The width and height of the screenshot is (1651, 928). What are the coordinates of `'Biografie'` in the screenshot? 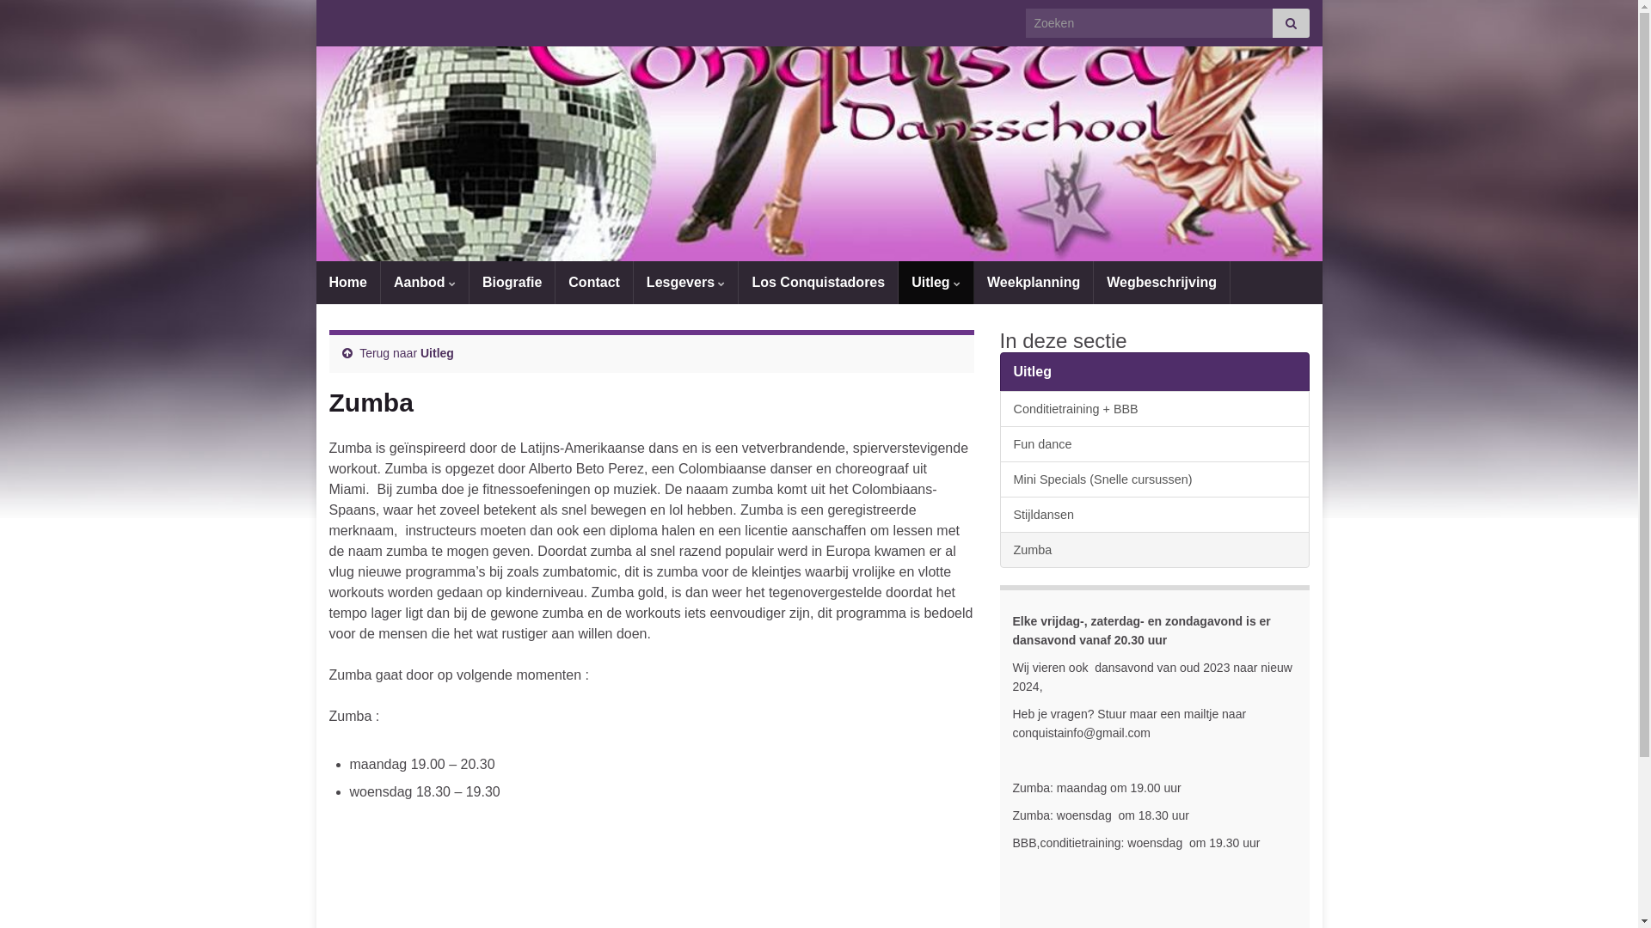 It's located at (511, 281).